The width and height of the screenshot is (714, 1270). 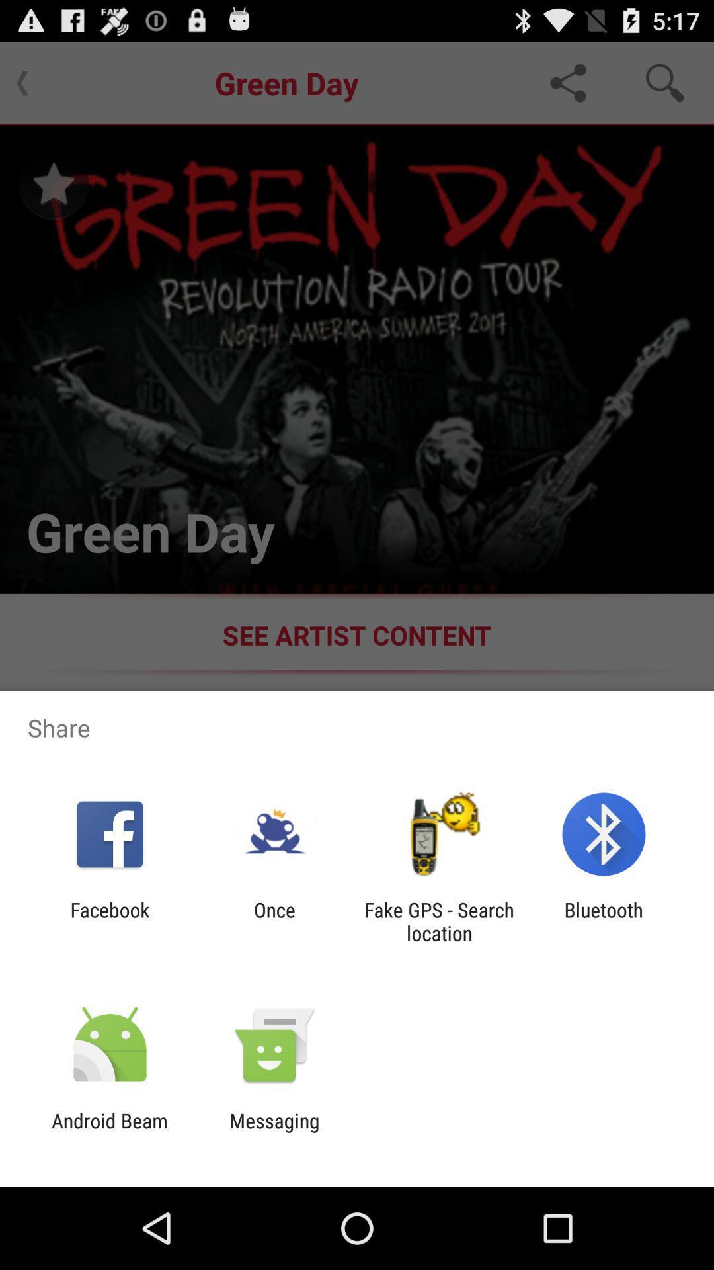 I want to click on messaging app, so click(x=274, y=1132).